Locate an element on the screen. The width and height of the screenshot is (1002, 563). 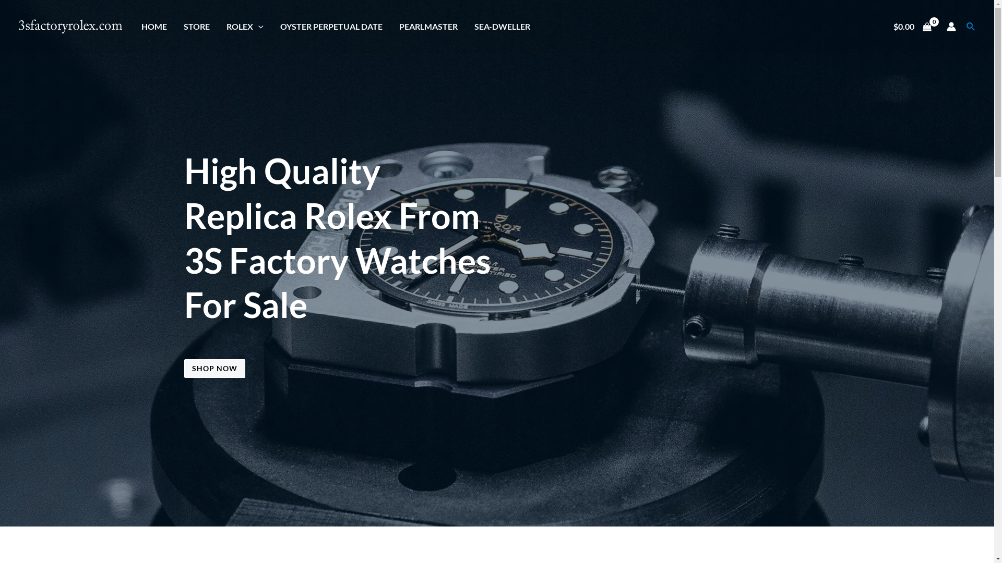
'$0.00' is located at coordinates (912, 26).